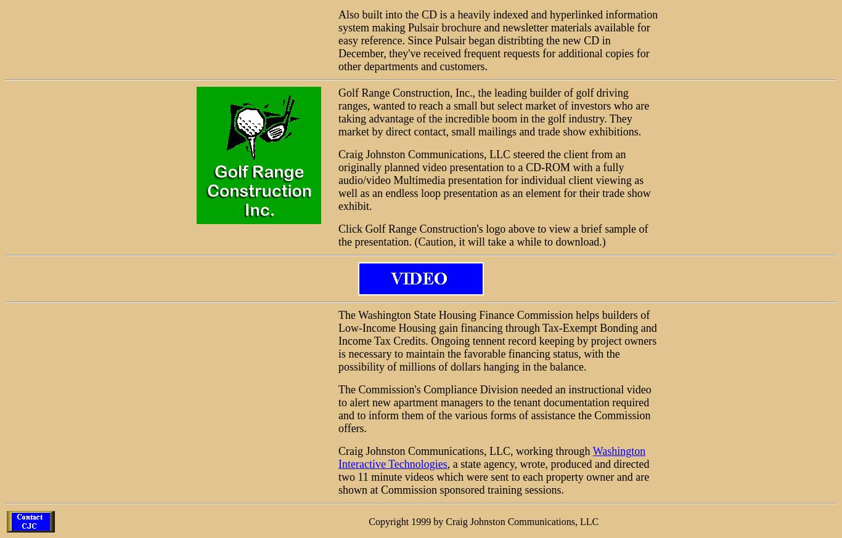  I want to click on 'Craig Johnston Communications, LLC steered the client from an originally planned
    video presentation to a CD-ROM with a fully audio/video Multimedia presentation for
    individual client viewing as well as an endless loop presentation as an element for their
    trade show exhibit.', so click(493, 179).